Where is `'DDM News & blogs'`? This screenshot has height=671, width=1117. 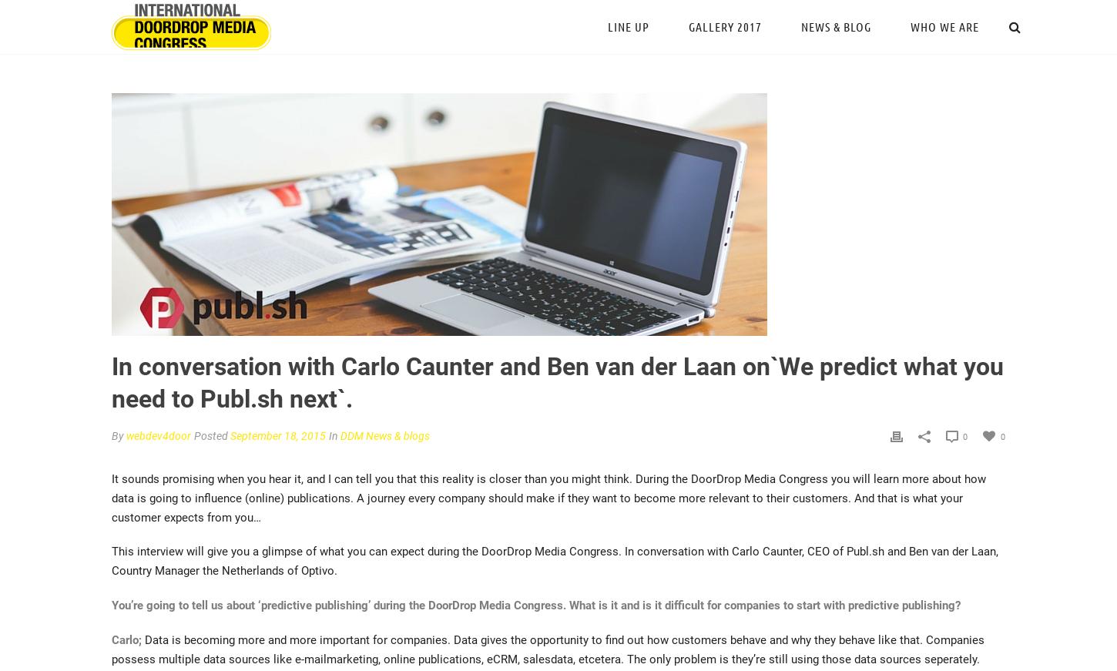
'DDM News & blogs' is located at coordinates (384, 435).